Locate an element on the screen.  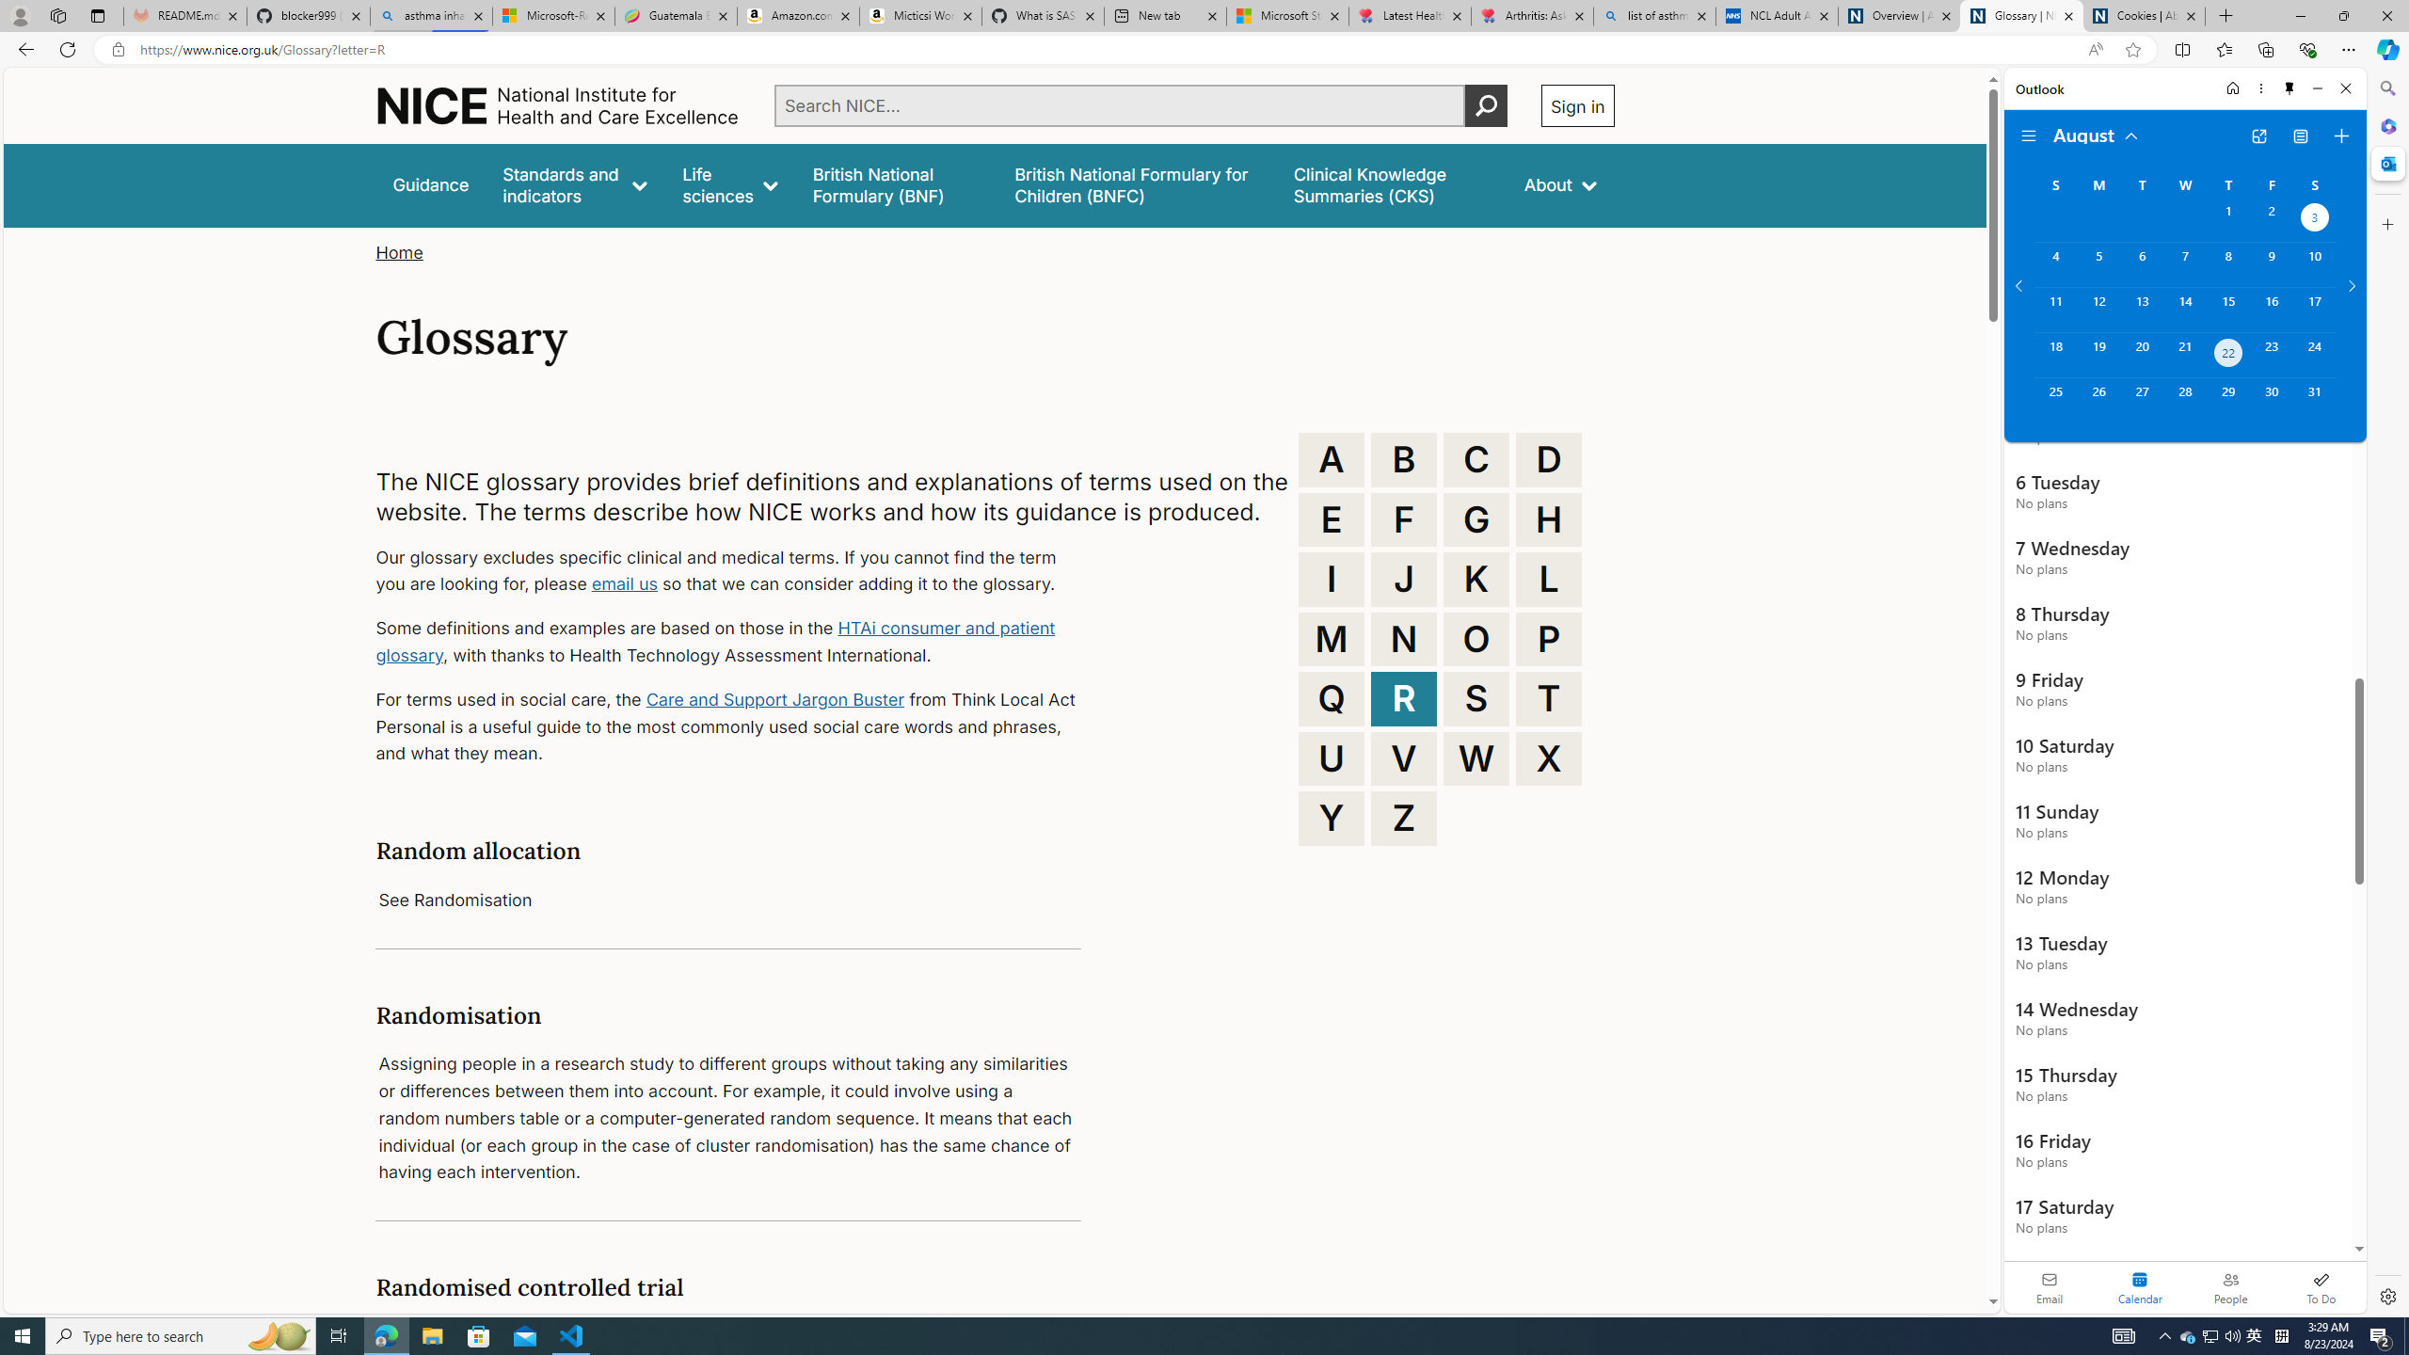
'Settings' is located at coordinates (2385, 1295).